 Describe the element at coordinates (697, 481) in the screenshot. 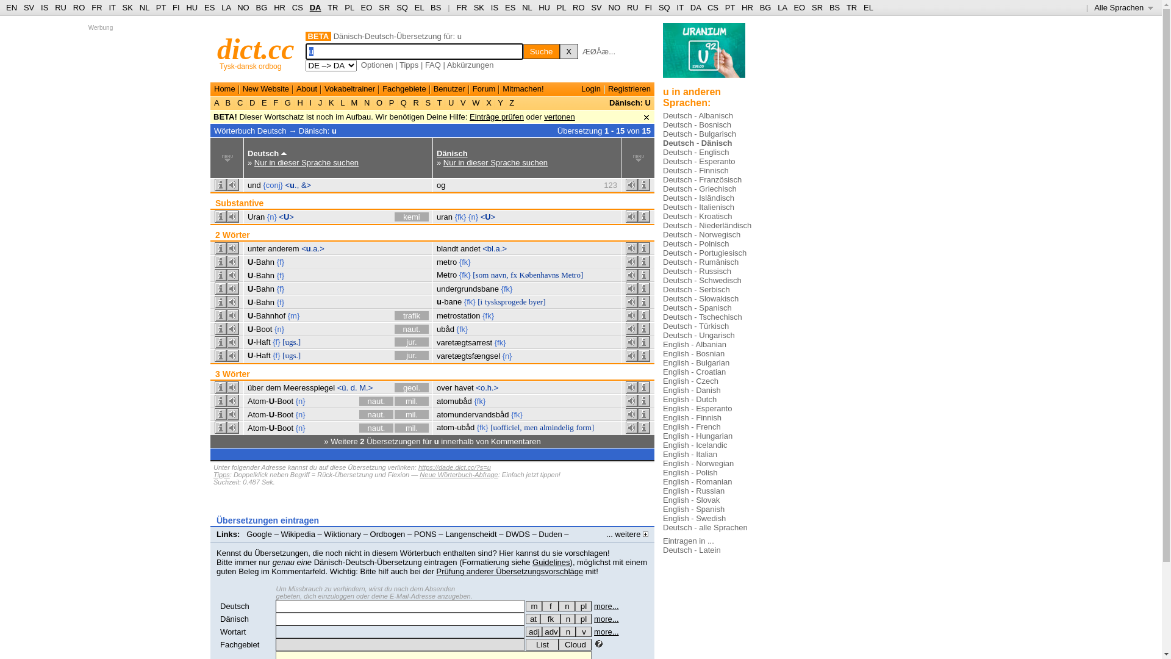

I see `'English - Romanian'` at that location.